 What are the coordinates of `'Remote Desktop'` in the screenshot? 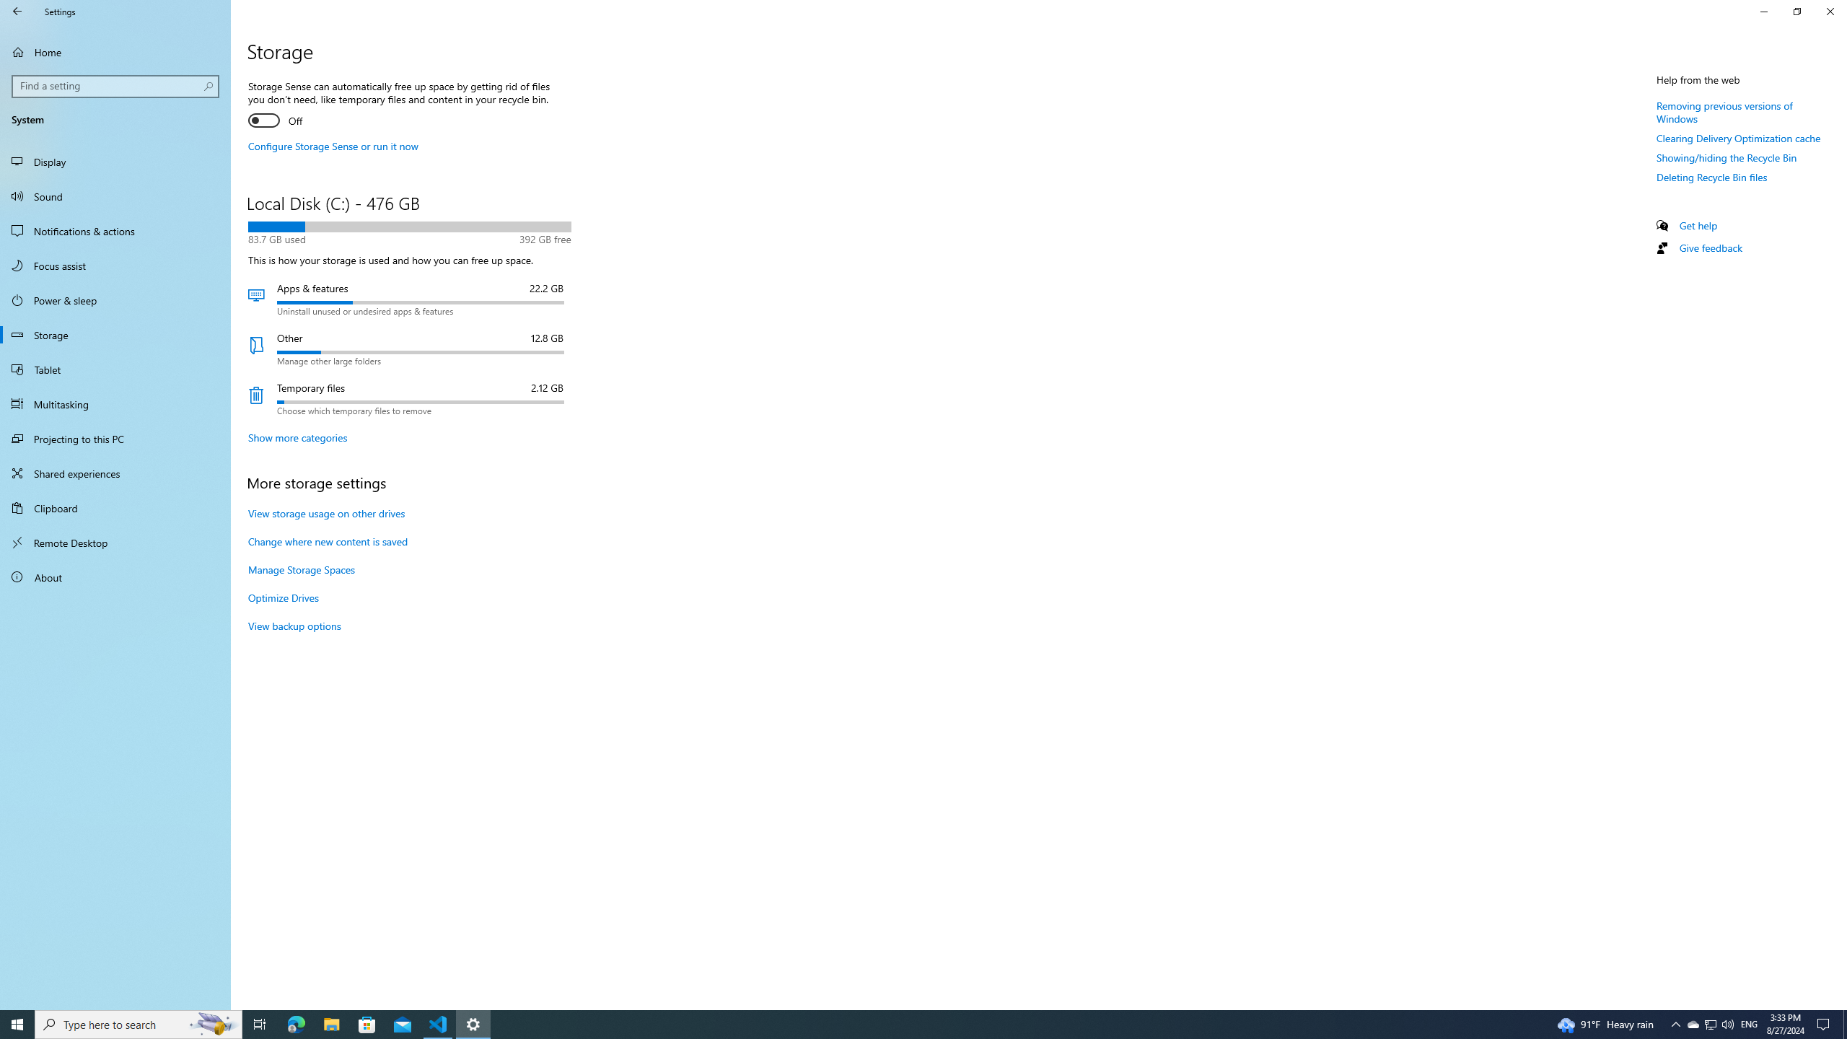 It's located at (115, 542).